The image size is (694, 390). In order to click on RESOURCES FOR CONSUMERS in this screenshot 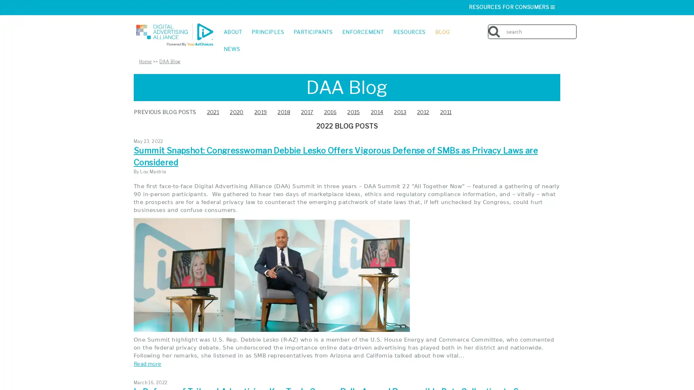, I will do `click(512, 7)`.